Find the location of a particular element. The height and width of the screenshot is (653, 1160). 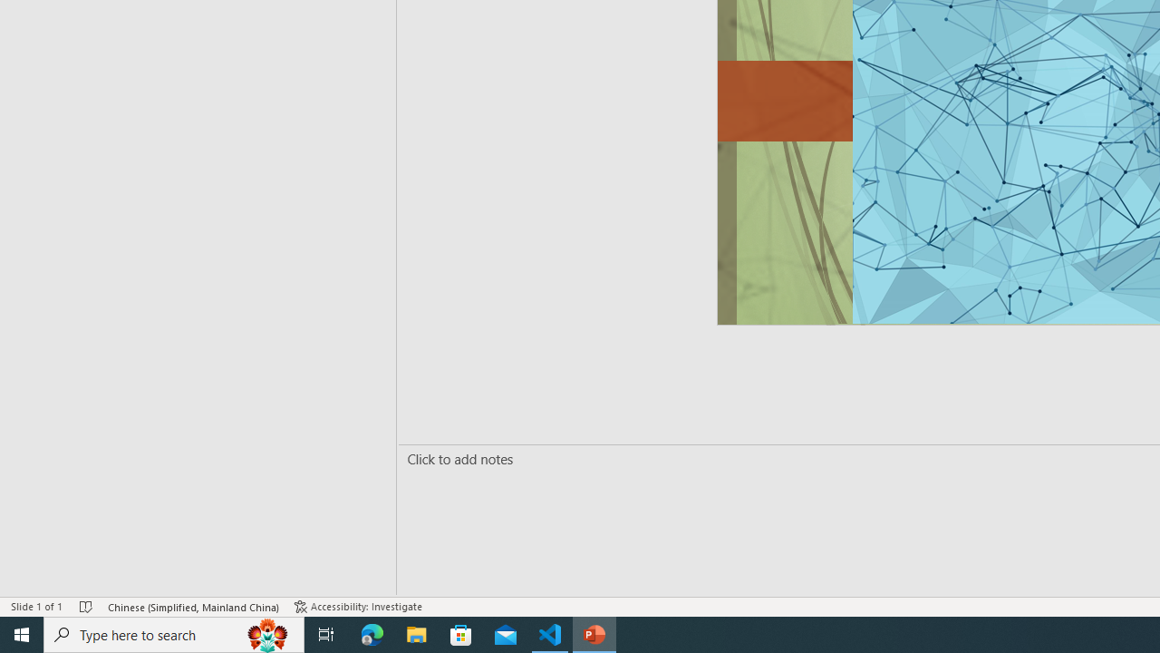

'Type here to search' is located at coordinates (174, 633).